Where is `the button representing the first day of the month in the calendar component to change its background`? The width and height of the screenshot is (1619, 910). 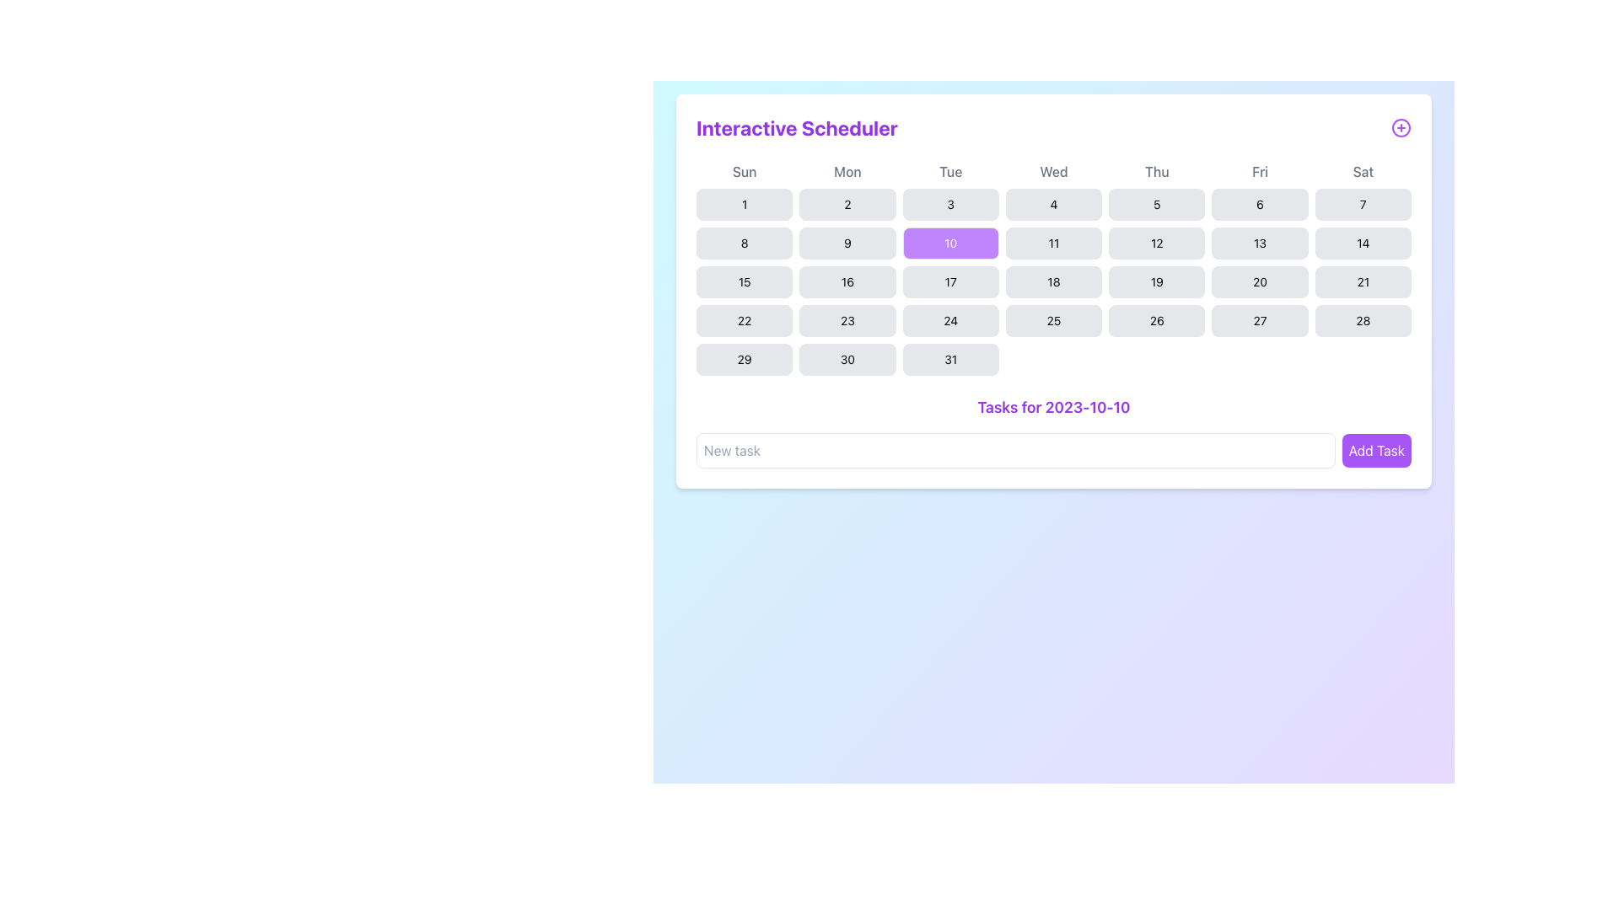
the button representing the first day of the month in the calendar component to change its background is located at coordinates (744, 204).